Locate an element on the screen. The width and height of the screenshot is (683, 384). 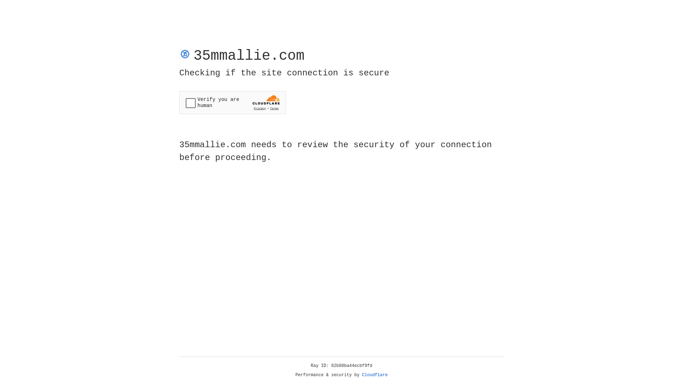
'Cloudflare' is located at coordinates (375, 375).